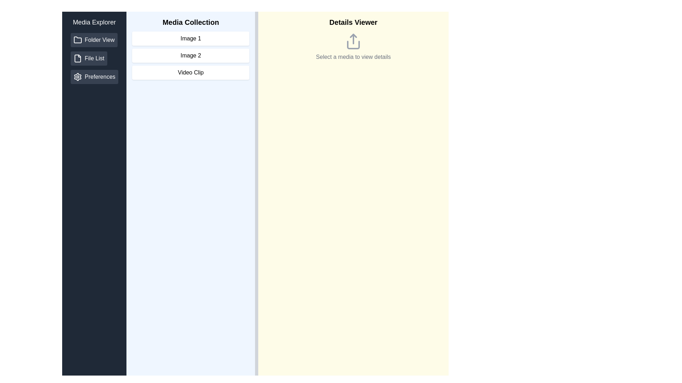 This screenshot has width=682, height=383. I want to click on the 'Preferences' button, which is the third button in the vertical stack in the left sidebar of the application, to observe the hover effect, so click(94, 77).